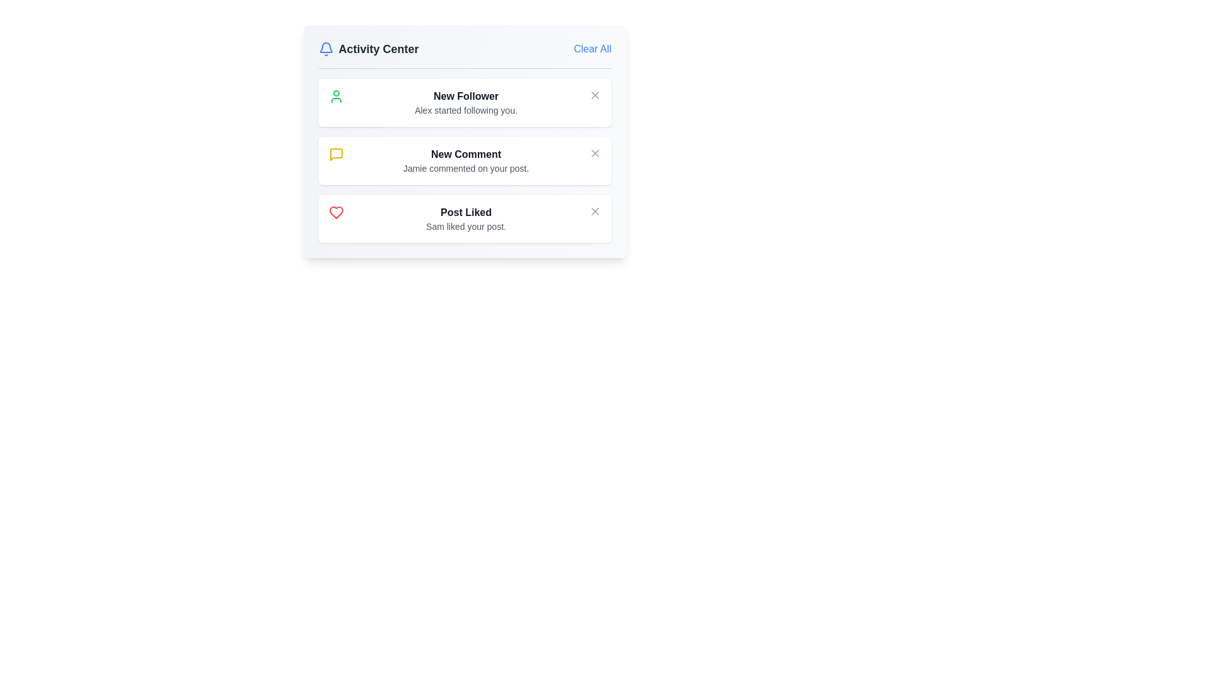  Describe the element at coordinates (591, 48) in the screenshot. I see `the 'Clear All' clickable text label located at the top-right corner of the 'Activity Center' panel, which is used to clear all notifications or items` at that location.